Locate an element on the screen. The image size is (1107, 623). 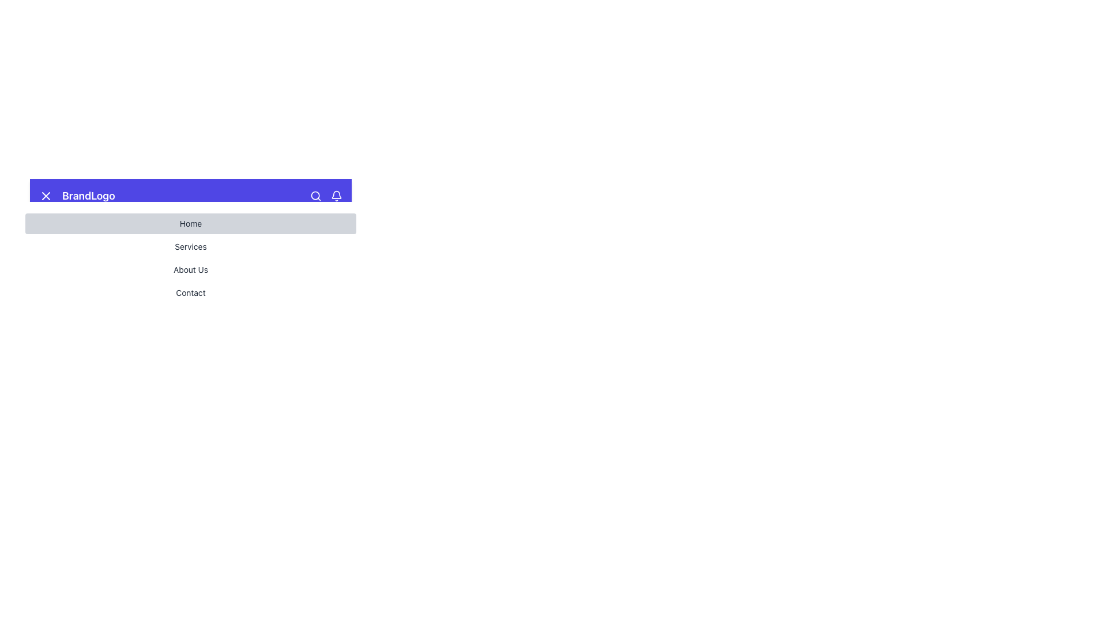
the 'Contact' button in the vertical navigation menu is located at coordinates (191, 292).